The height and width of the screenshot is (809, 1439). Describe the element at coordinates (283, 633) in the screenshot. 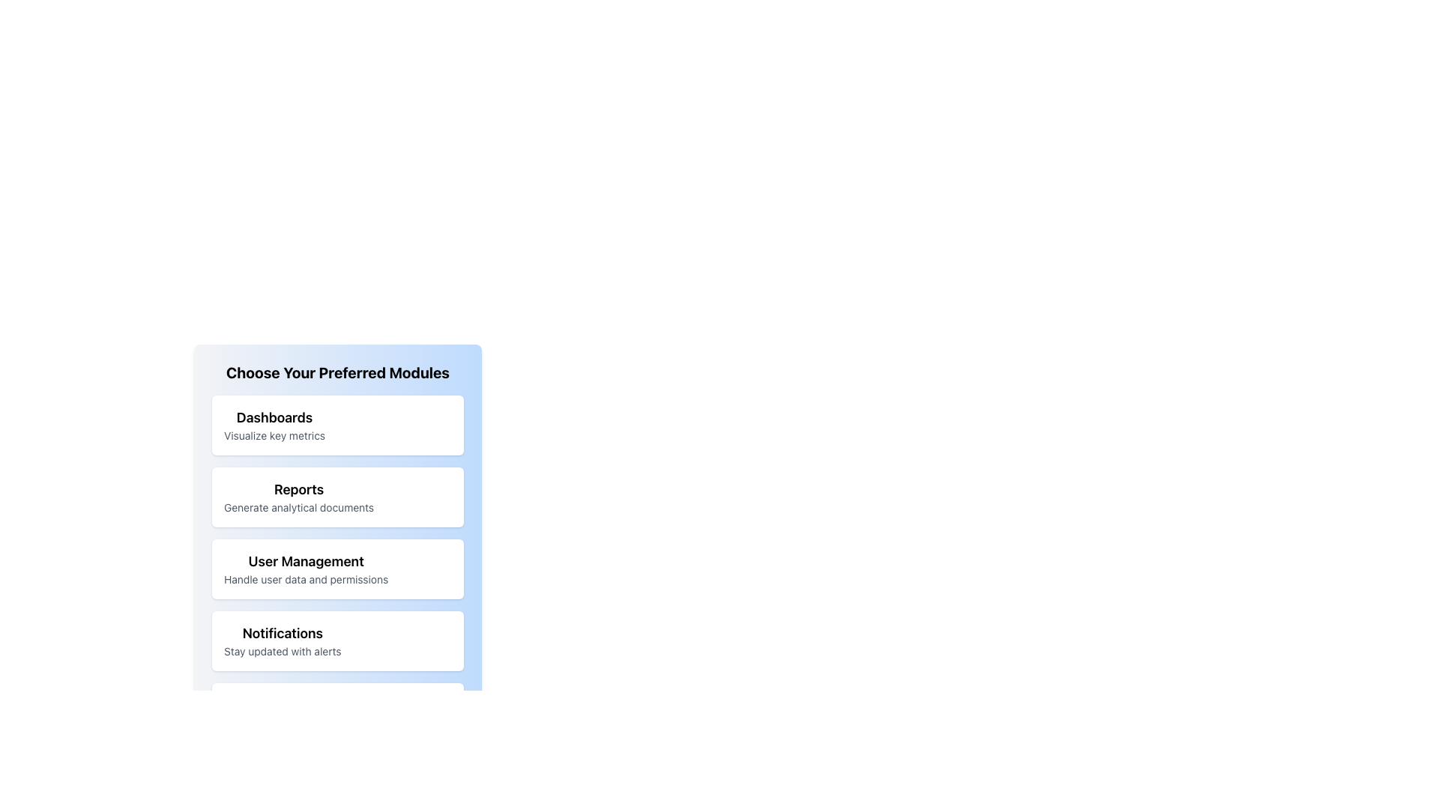

I see `text from the 'Notifications' text label, which is positioned in the fourth module option of the module selection interface` at that location.